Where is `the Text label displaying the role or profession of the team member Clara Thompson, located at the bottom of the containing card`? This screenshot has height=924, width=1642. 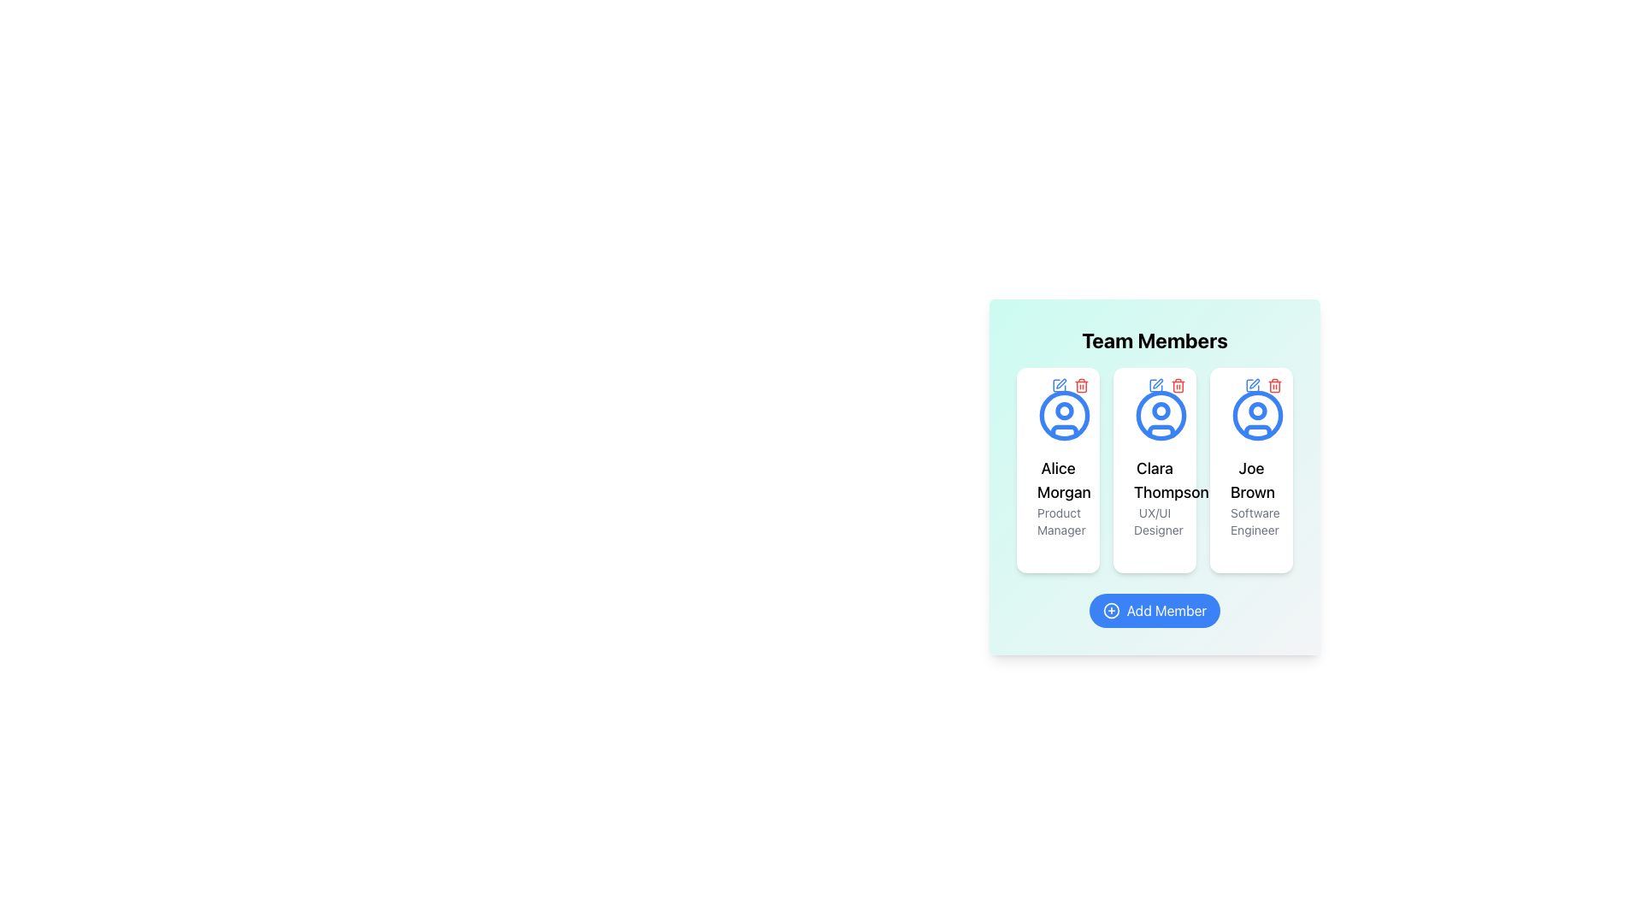 the Text label displaying the role or profession of the team member Clara Thompson, located at the bottom of the containing card is located at coordinates (1155, 520).